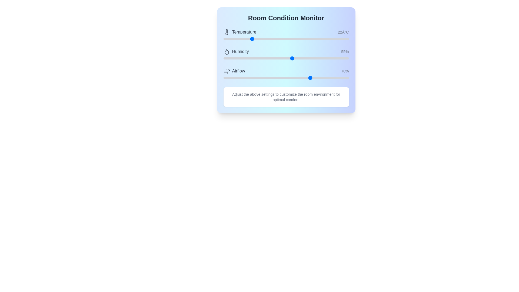 Image resolution: width=519 pixels, height=292 pixels. I want to click on the humidity level, so click(226, 58).